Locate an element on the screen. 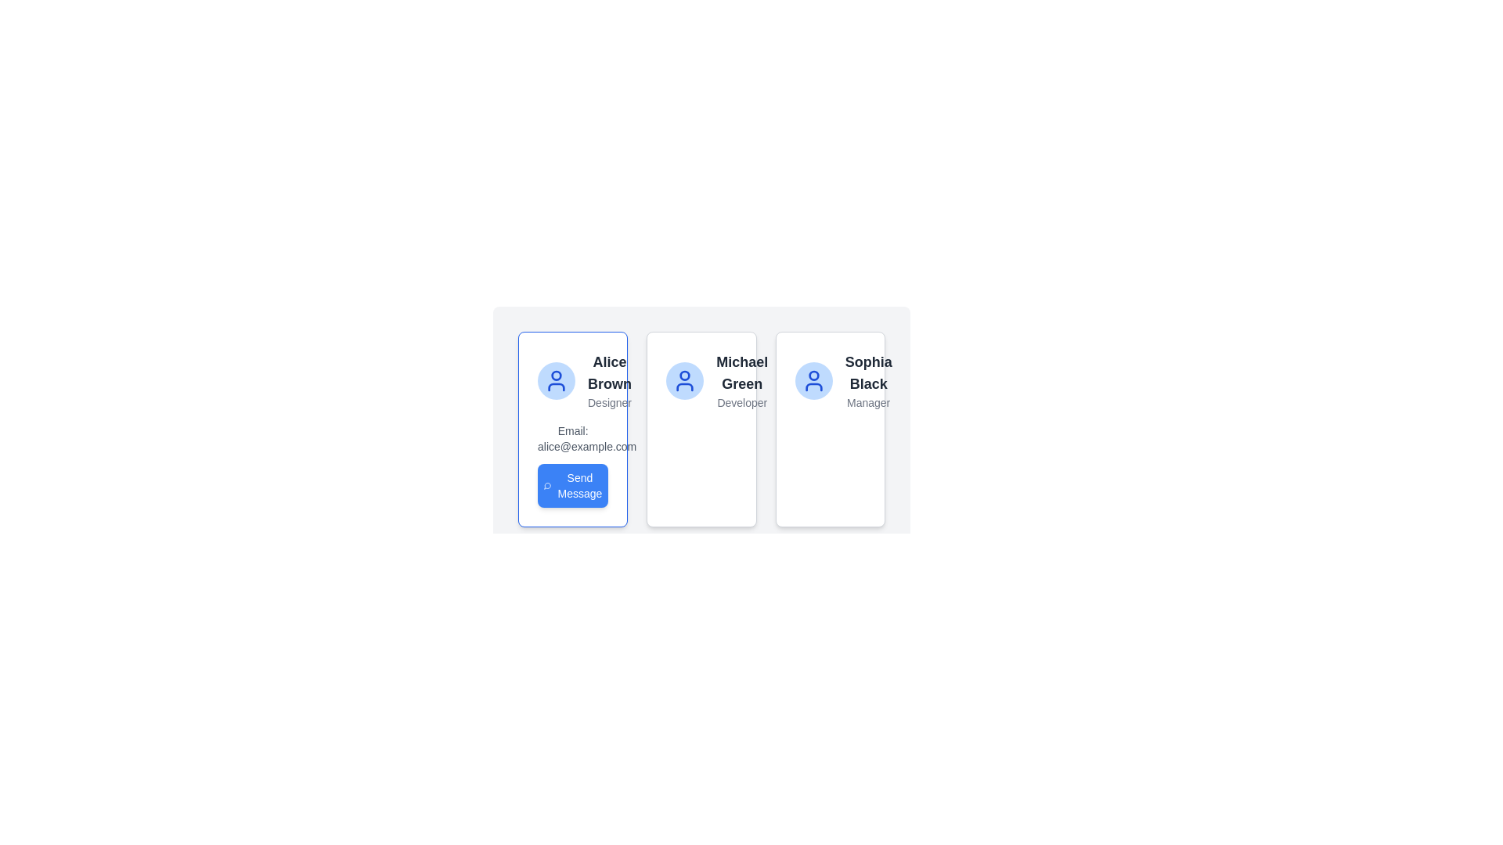 This screenshot has width=1503, height=845. the text label displaying 'Manager', which is styled with a small gray font and located beneath 'Sophia Black' in the rightmost card of a row of three cards is located at coordinates (867, 402).